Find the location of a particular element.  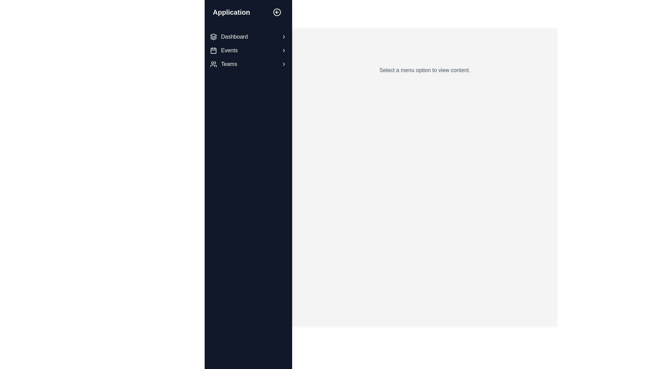

the 'Teams' menu option in the left sidebar is located at coordinates (248, 64).